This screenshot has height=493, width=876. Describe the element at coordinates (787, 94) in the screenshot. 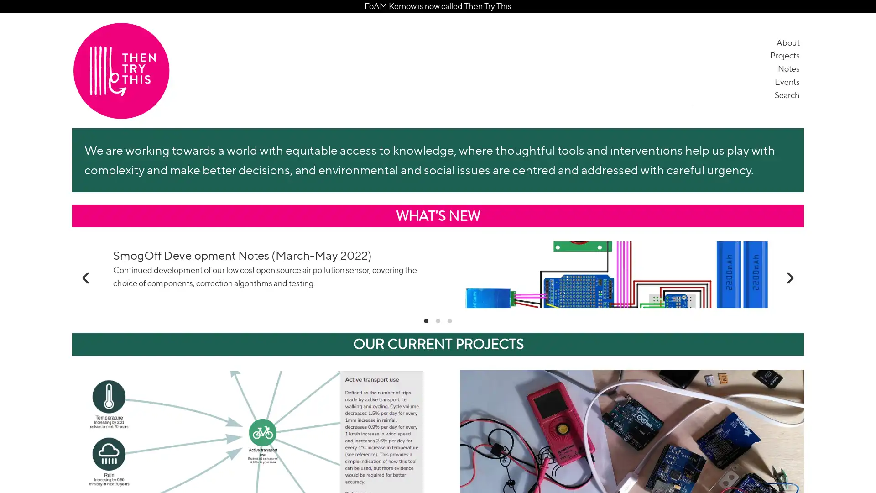

I see `Search` at that location.